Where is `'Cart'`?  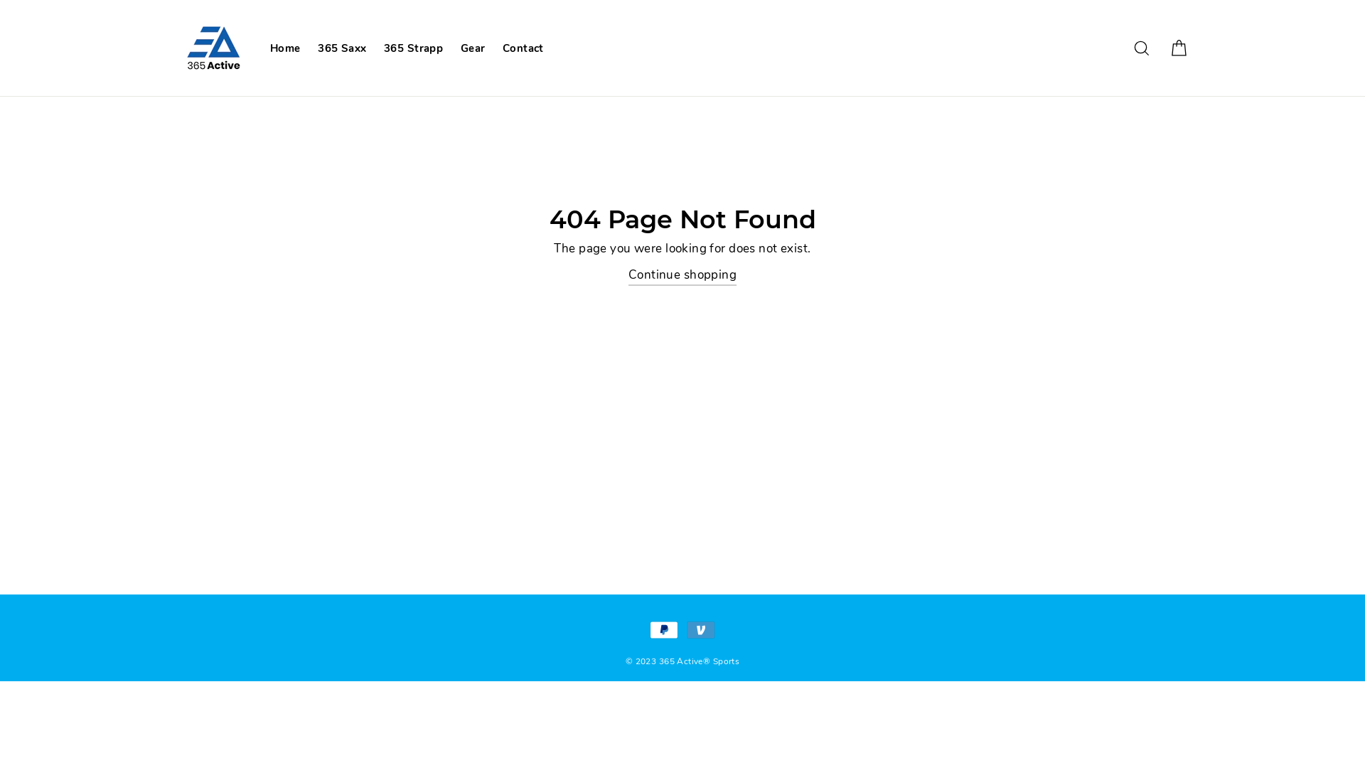 'Cart' is located at coordinates (1178, 47).